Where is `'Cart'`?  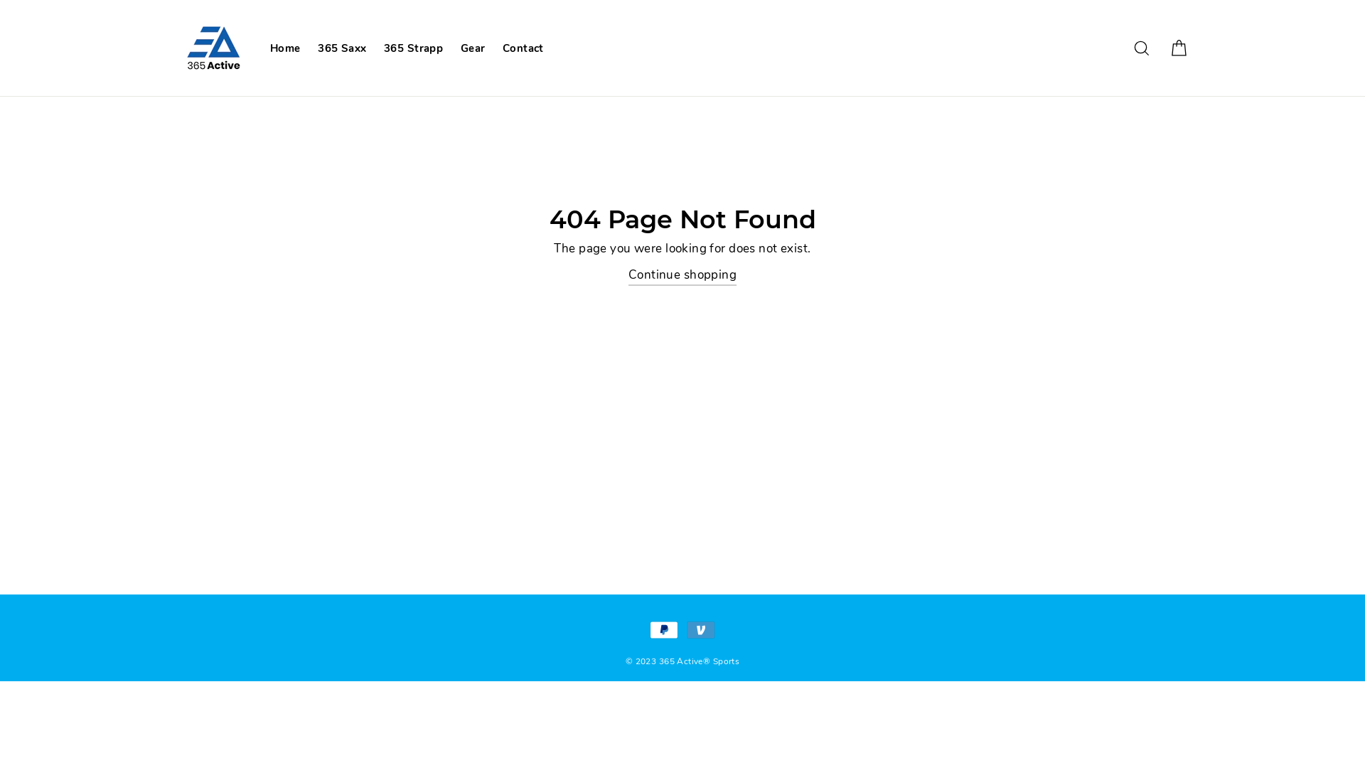 'Cart' is located at coordinates (1178, 47).